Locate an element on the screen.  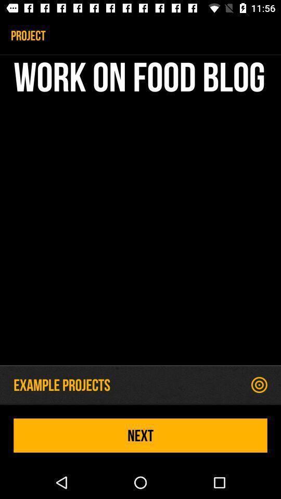
item below example projects item is located at coordinates (140, 435).